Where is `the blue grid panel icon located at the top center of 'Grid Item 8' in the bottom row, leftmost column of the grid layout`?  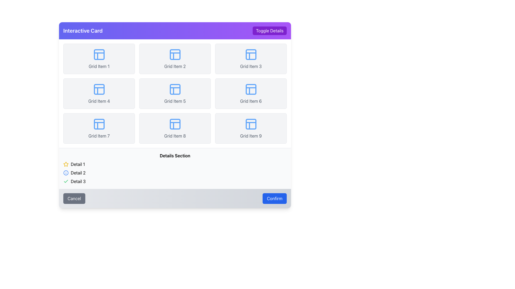
the blue grid panel icon located at the top center of 'Grid Item 8' in the bottom row, leftmost column of the grid layout is located at coordinates (175, 124).